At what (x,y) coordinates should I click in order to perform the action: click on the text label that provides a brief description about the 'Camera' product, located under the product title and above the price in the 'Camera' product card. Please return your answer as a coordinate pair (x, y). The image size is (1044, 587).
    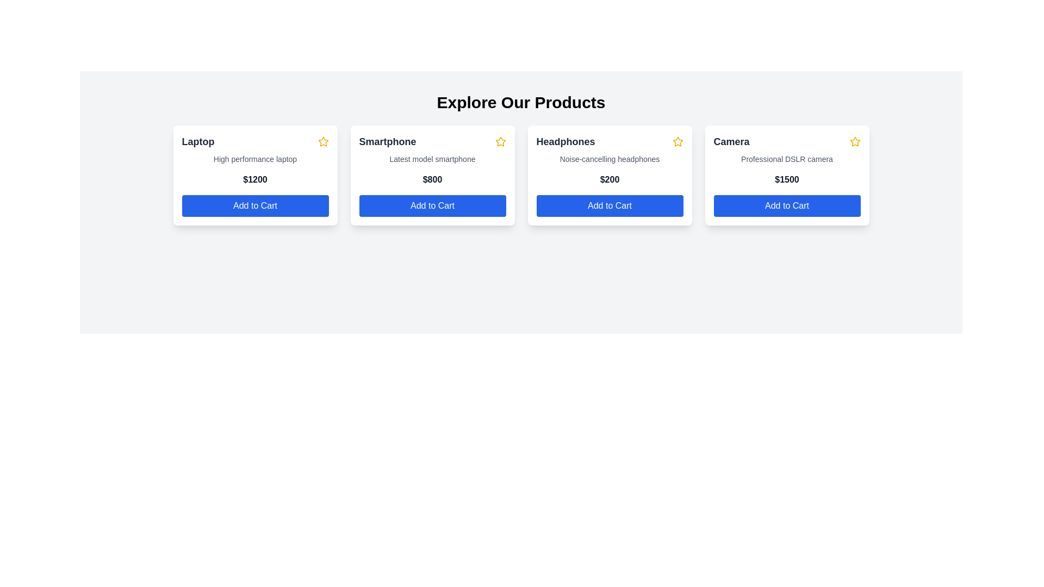
    Looking at the image, I should click on (787, 159).